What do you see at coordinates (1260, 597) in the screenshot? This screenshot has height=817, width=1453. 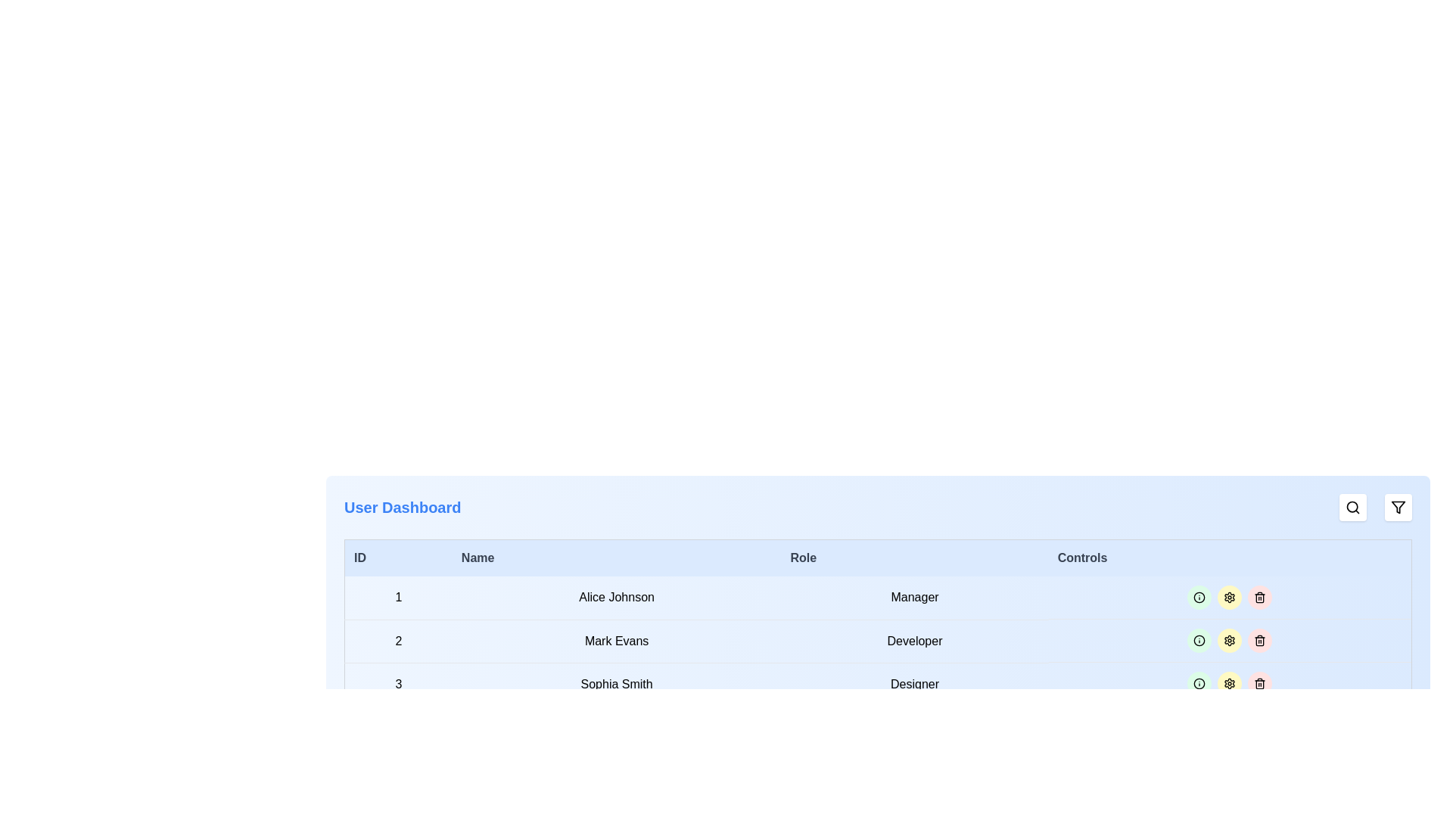 I see `the circular red button with a black trash bin icon` at bounding box center [1260, 597].